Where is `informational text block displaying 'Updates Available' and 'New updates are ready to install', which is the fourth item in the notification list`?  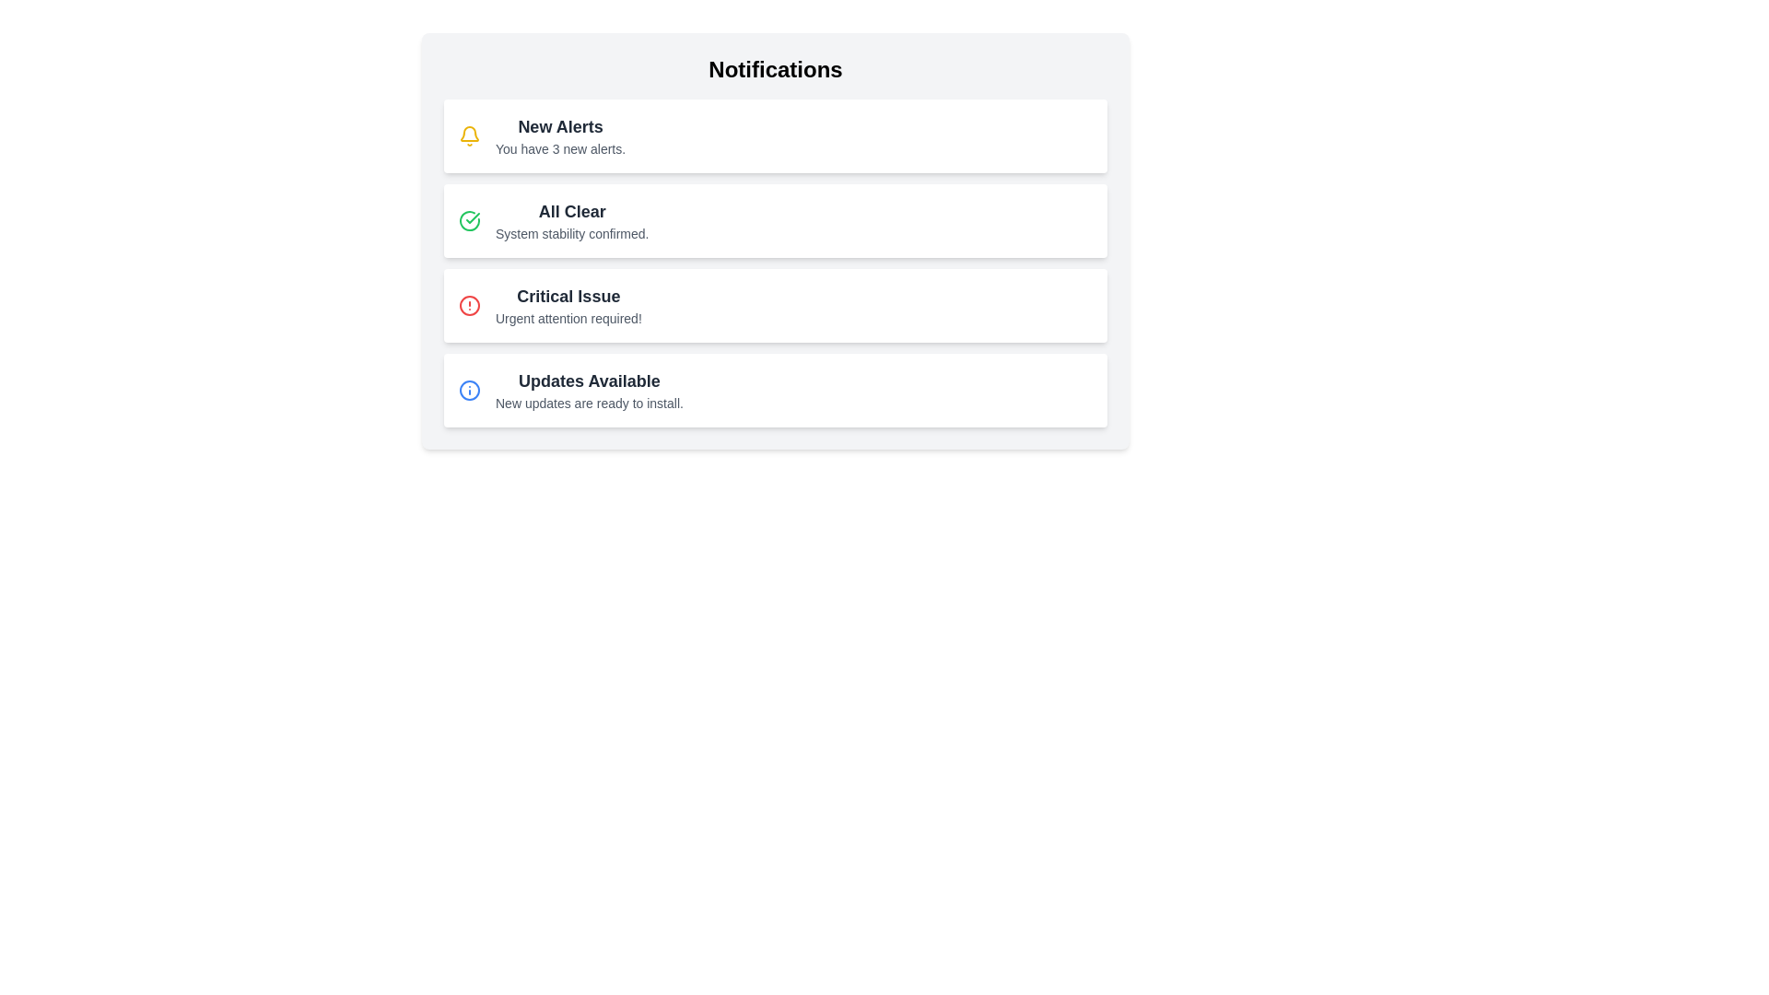 informational text block displaying 'Updates Available' and 'New updates are ready to install', which is the fourth item in the notification list is located at coordinates (588, 390).